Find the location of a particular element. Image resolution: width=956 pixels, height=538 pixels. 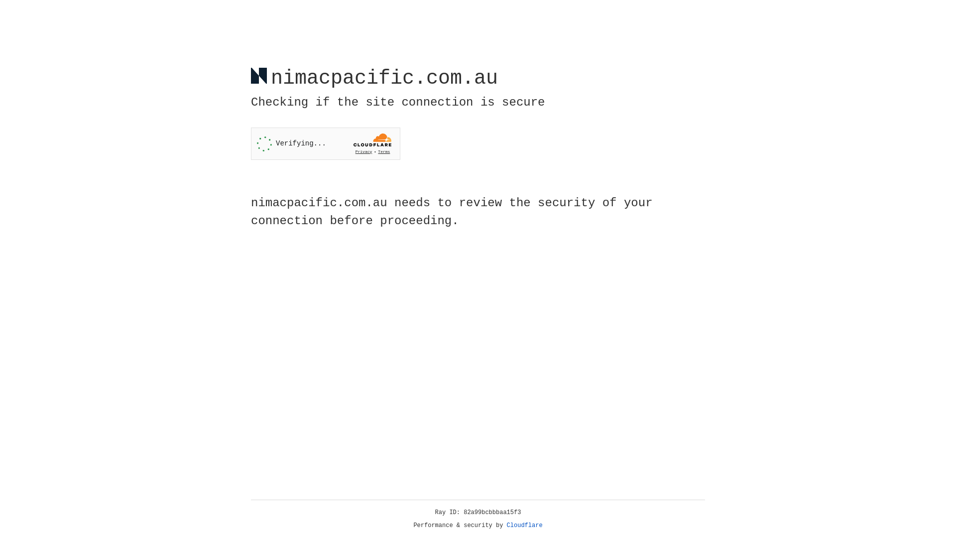

'Cloudflare' is located at coordinates (524, 525).